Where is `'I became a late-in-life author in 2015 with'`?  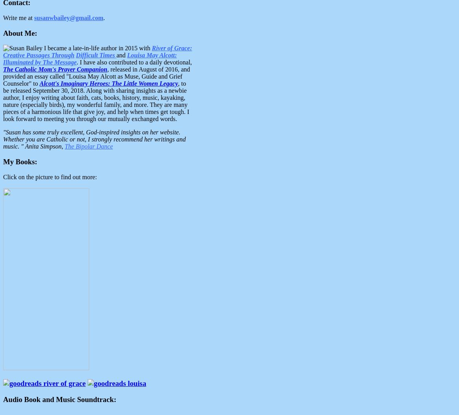
'I became a late-in-life author in 2015 with' is located at coordinates (96, 48).